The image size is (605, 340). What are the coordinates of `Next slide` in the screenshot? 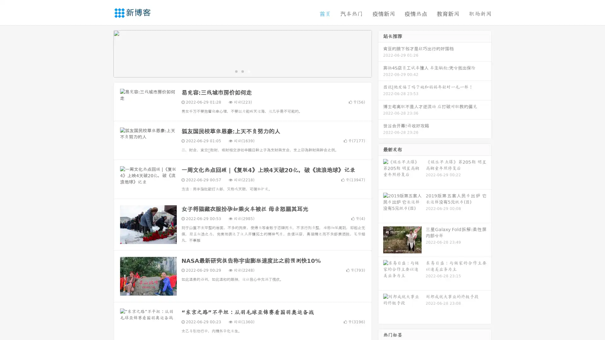 It's located at (381, 53).